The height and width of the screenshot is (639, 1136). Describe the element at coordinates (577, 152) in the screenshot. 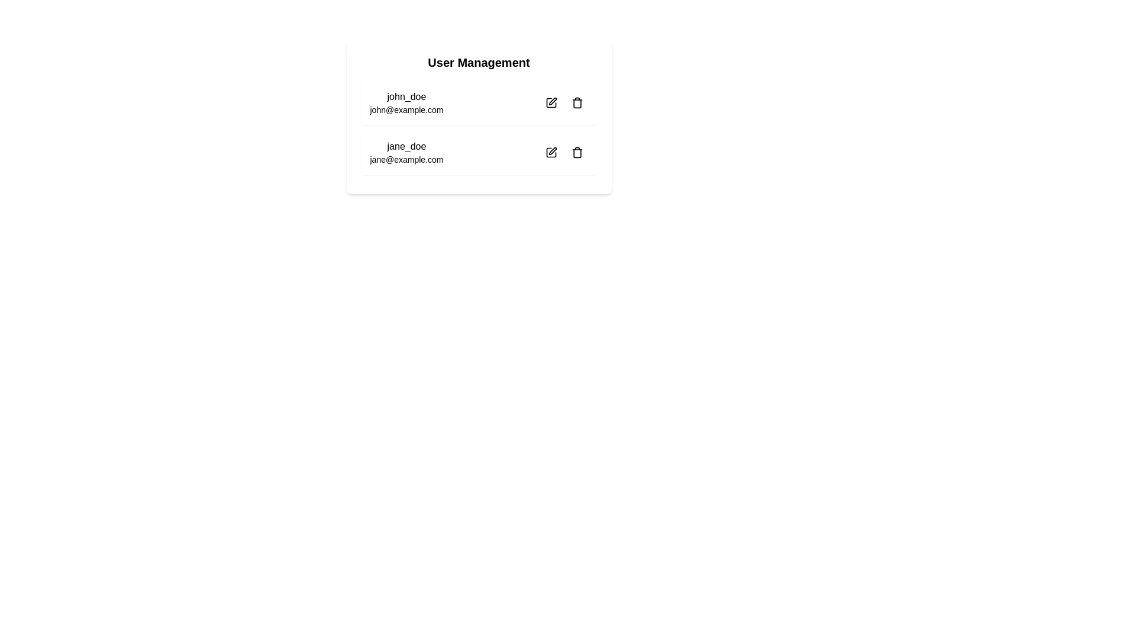

I see `the delete button for the user 'jane_doe' in the user management interface` at that location.